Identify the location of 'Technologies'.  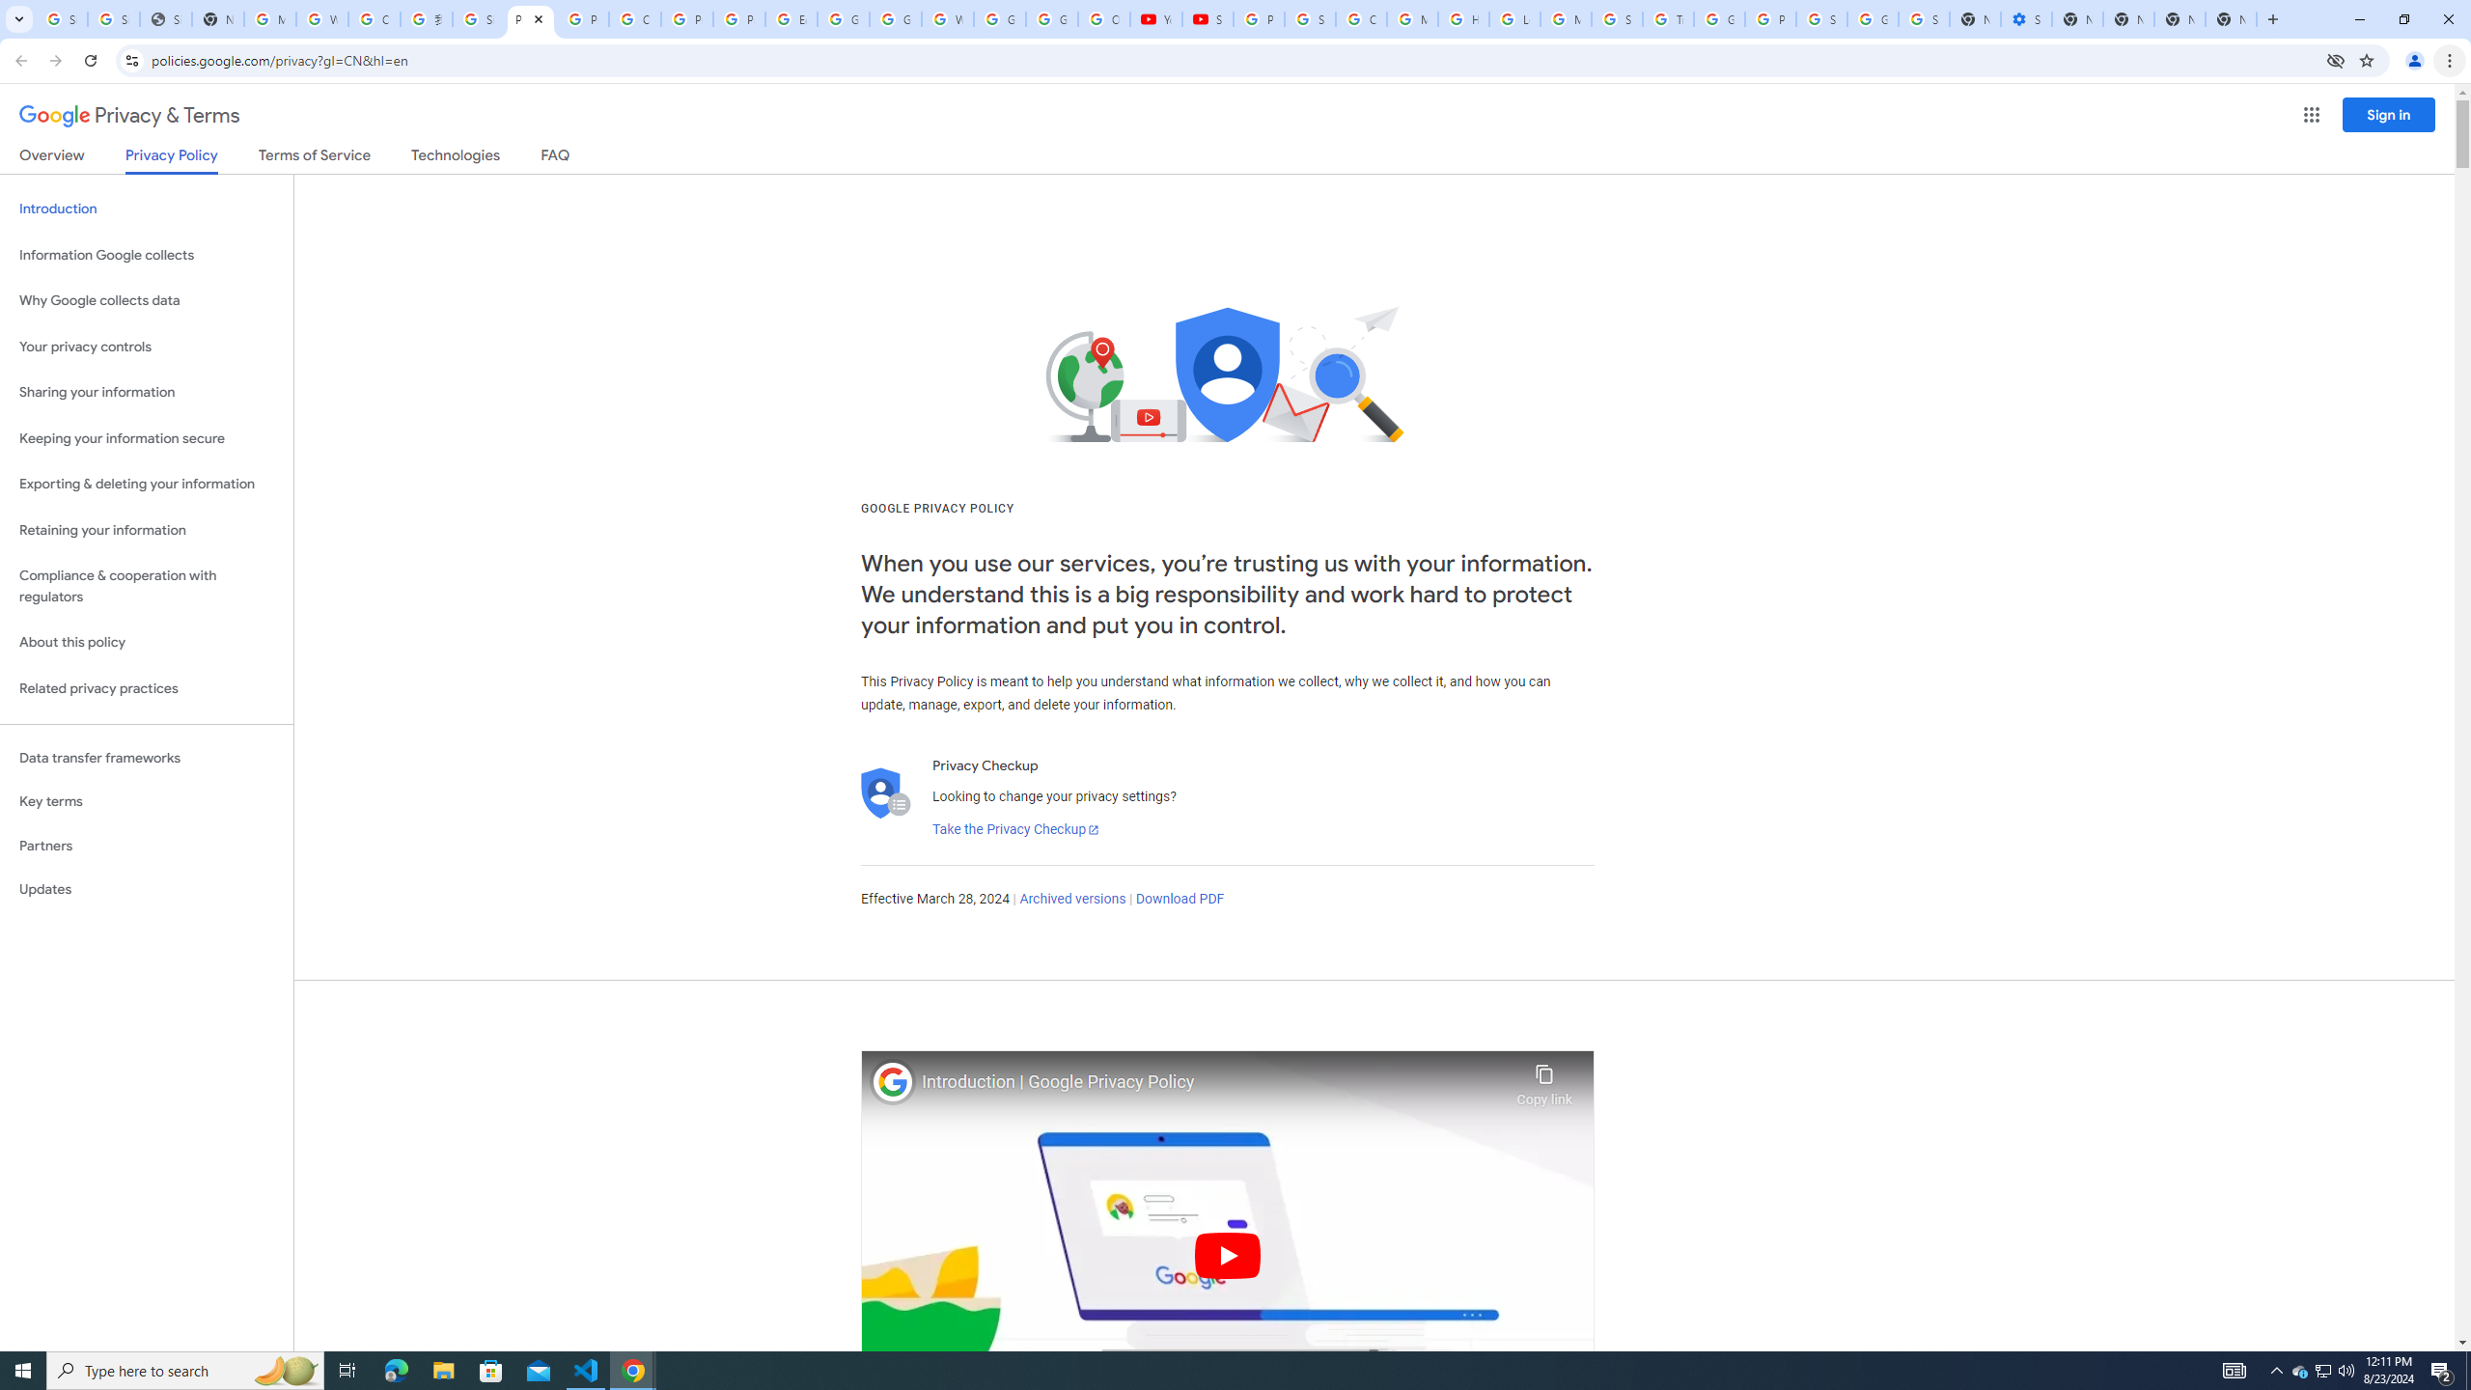
(456, 158).